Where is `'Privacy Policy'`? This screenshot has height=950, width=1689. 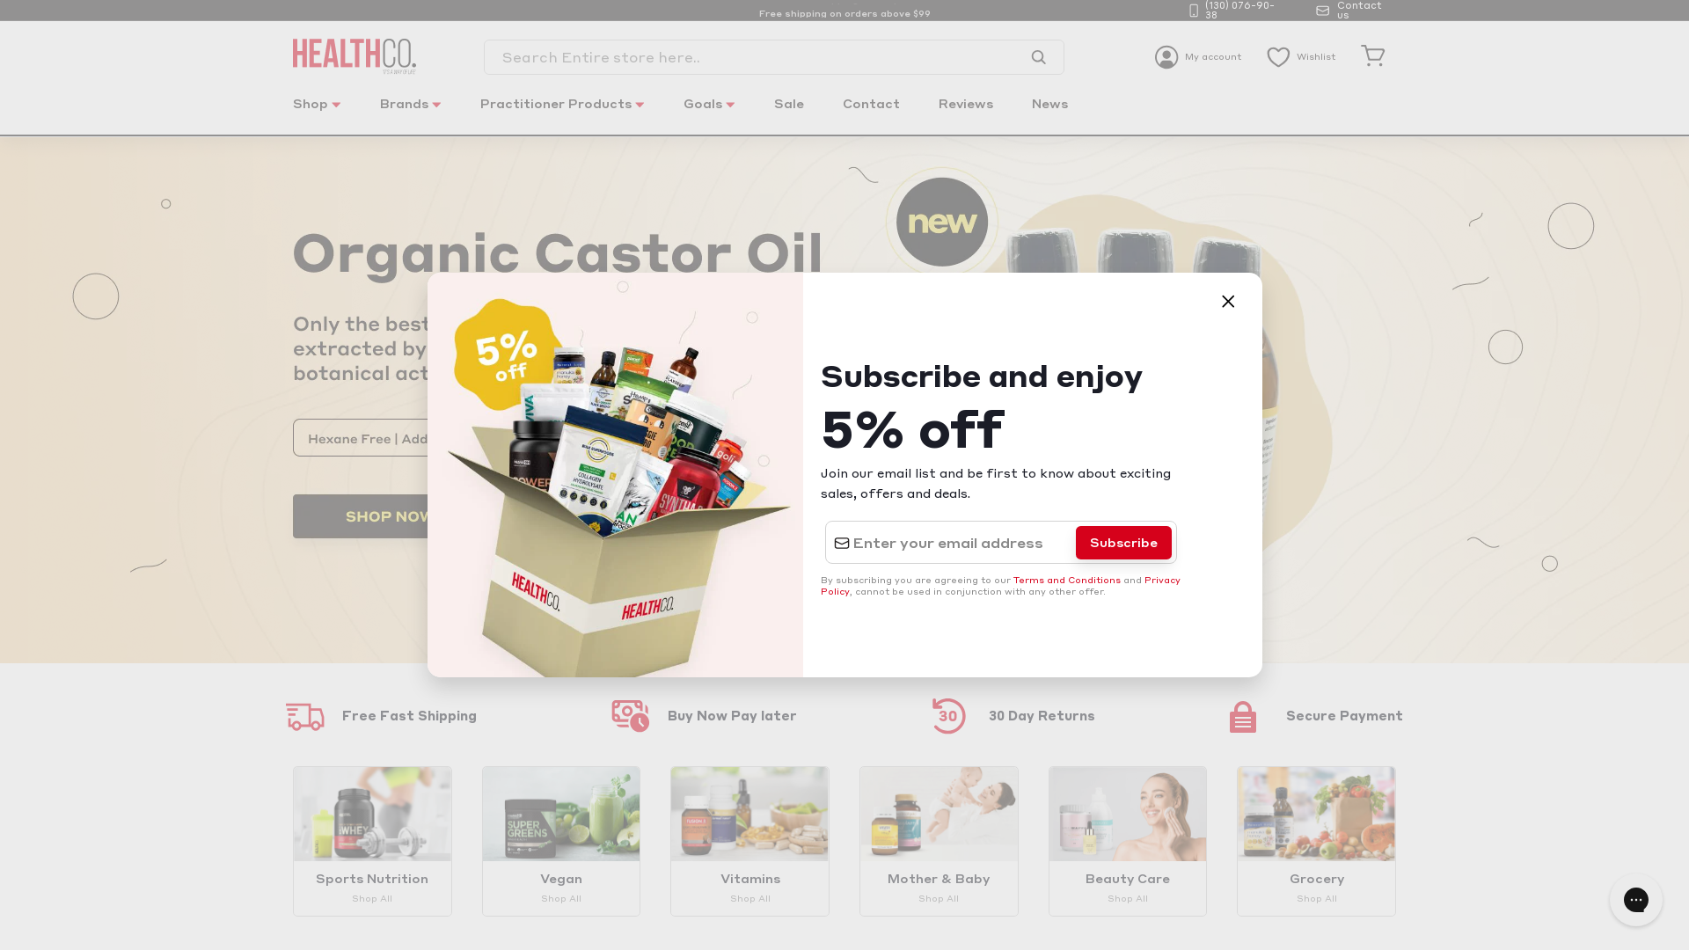 'Privacy Policy' is located at coordinates (1000, 586).